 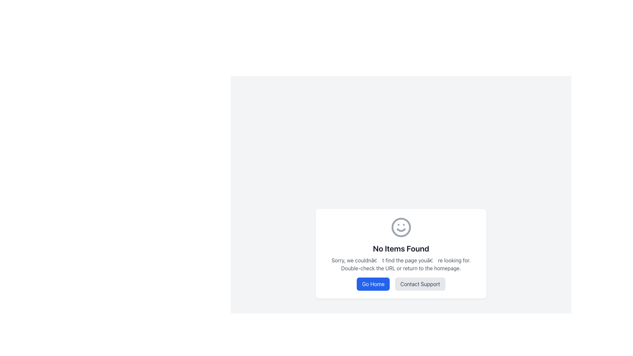 What do you see at coordinates (401, 264) in the screenshot?
I see `the text block displaying the message 'Sorry, we couldn’t find the page you’re looking for.' which is centrally aligned below 'No Items Found' and above the buttons 'Go Home' and 'Contact Support'` at bounding box center [401, 264].